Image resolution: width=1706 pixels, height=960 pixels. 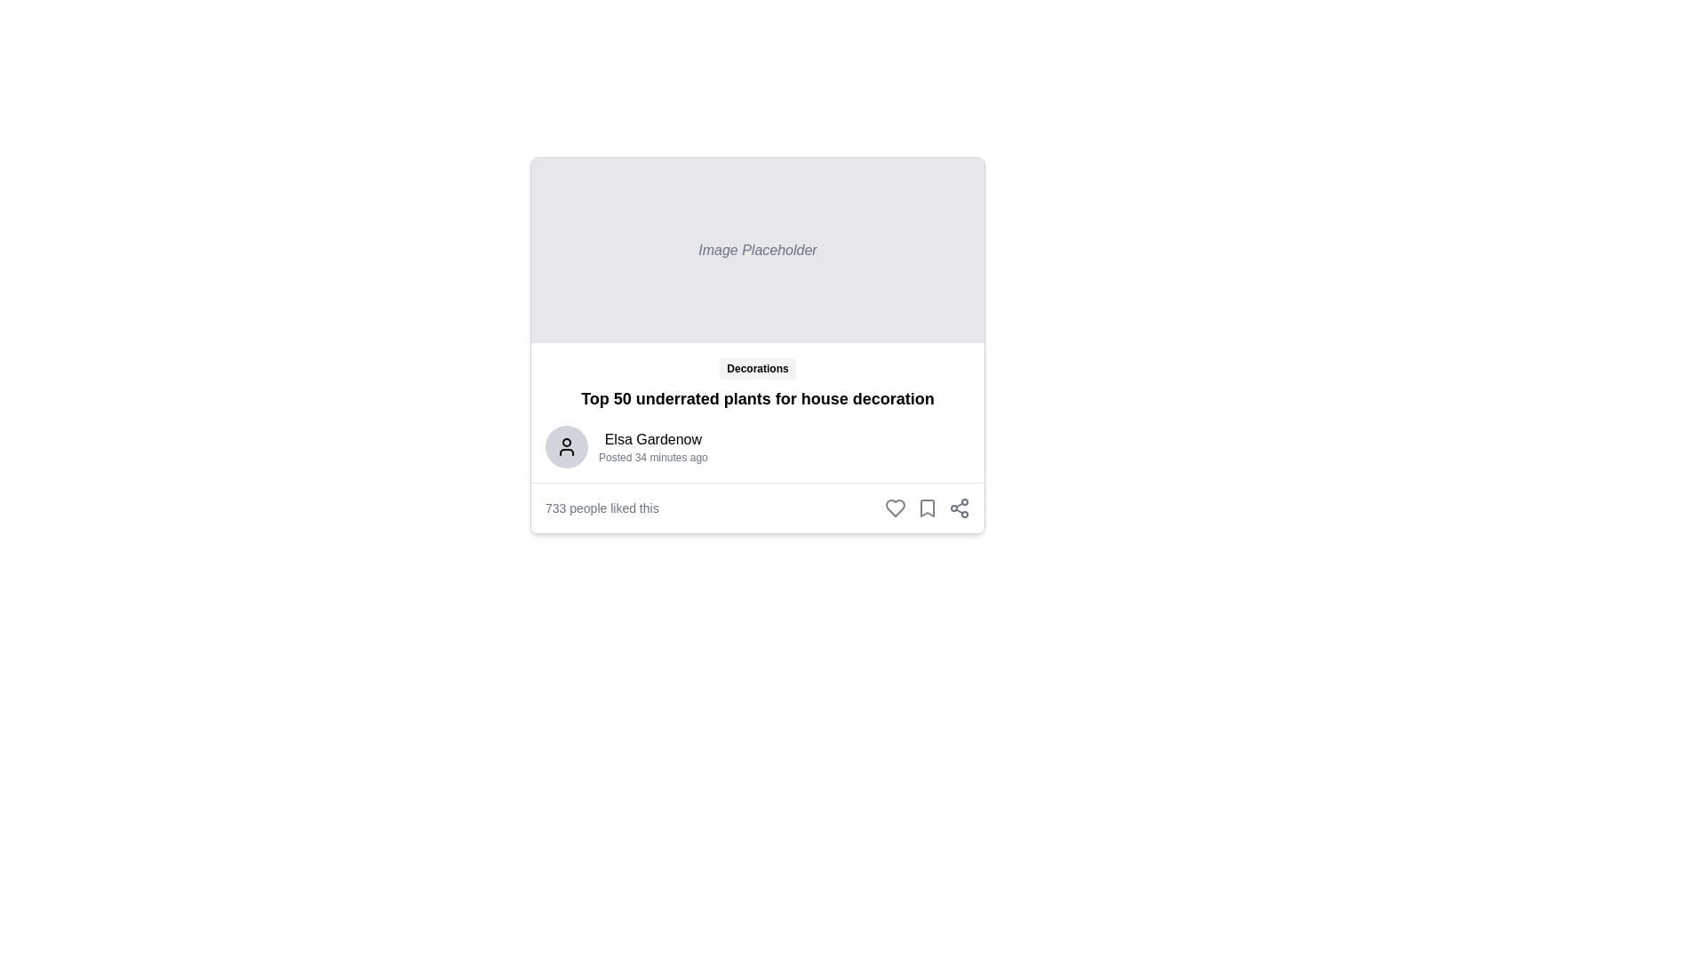 What do you see at coordinates (959, 508) in the screenshot?
I see `the 'share' button, which is represented by an icon of three circles connected by two lines, located at the far-right end of the row of interactive icons` at bounding box center [959, 508].